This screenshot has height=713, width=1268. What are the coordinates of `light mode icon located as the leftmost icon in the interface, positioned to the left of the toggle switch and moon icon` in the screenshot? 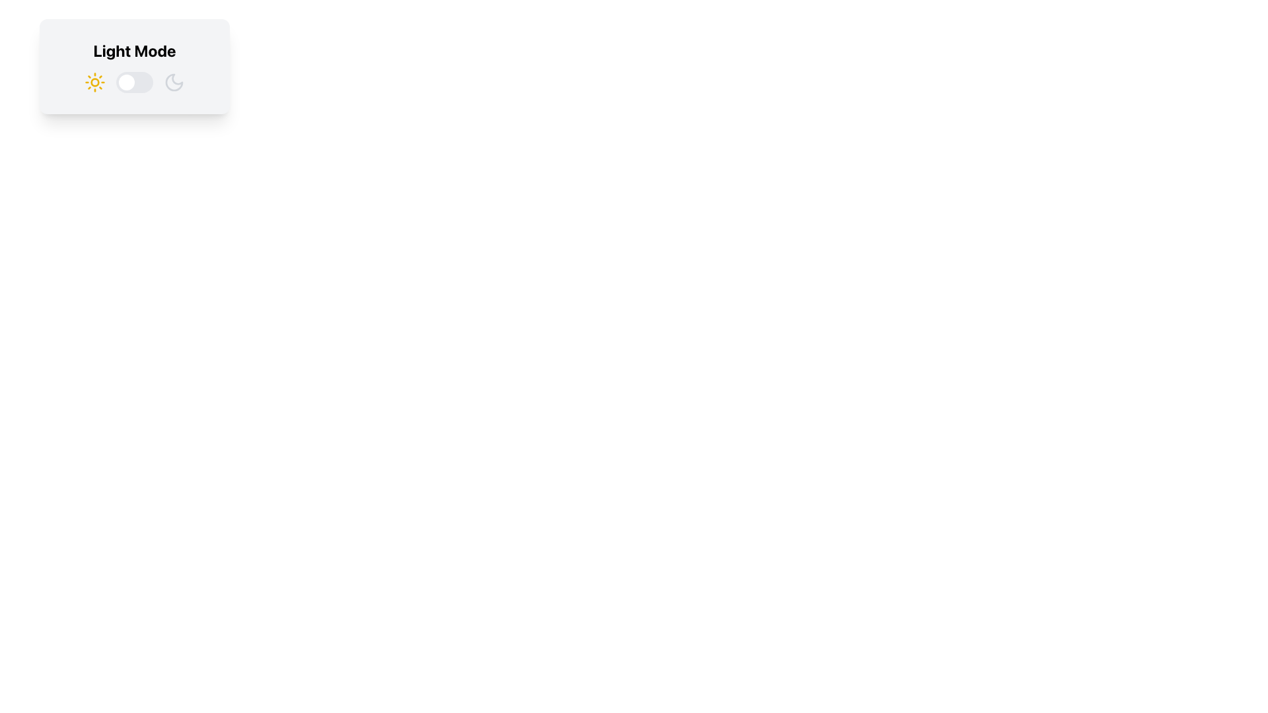 It's located at (94, 82).